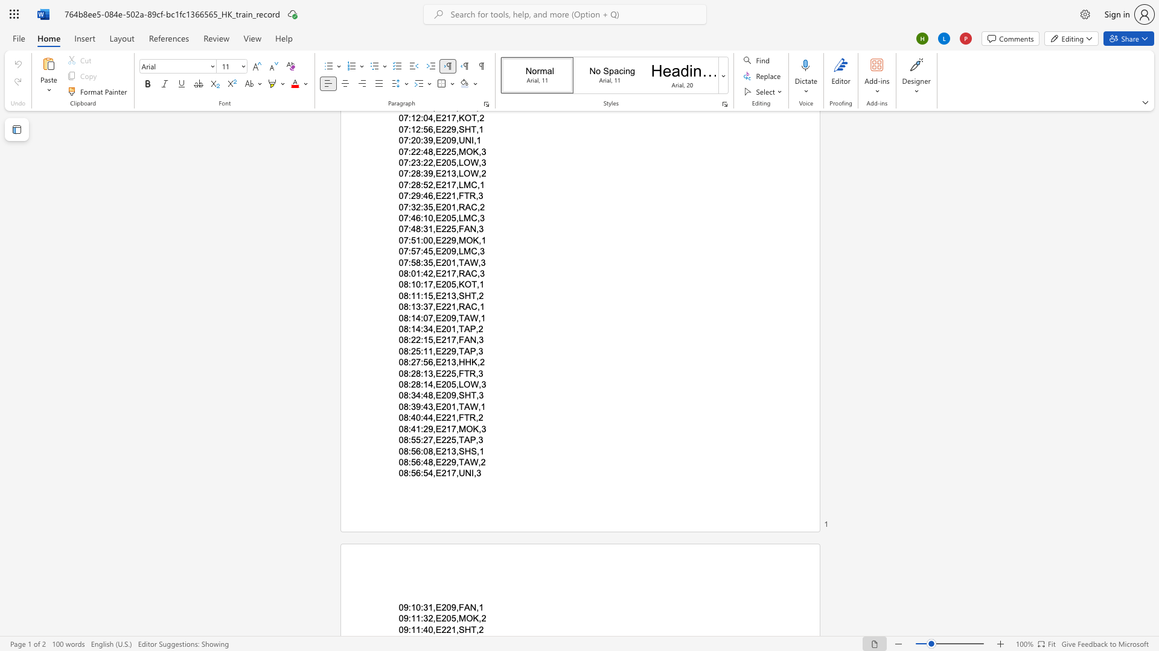 Image resolution: width=1159 pixels, height=651 pixels. Describe the element at coordinates (435, 618) in the screenshot. I see `the subset text "E205,MO" within the text "09:11:32,E205,MOK,2"` at that location.